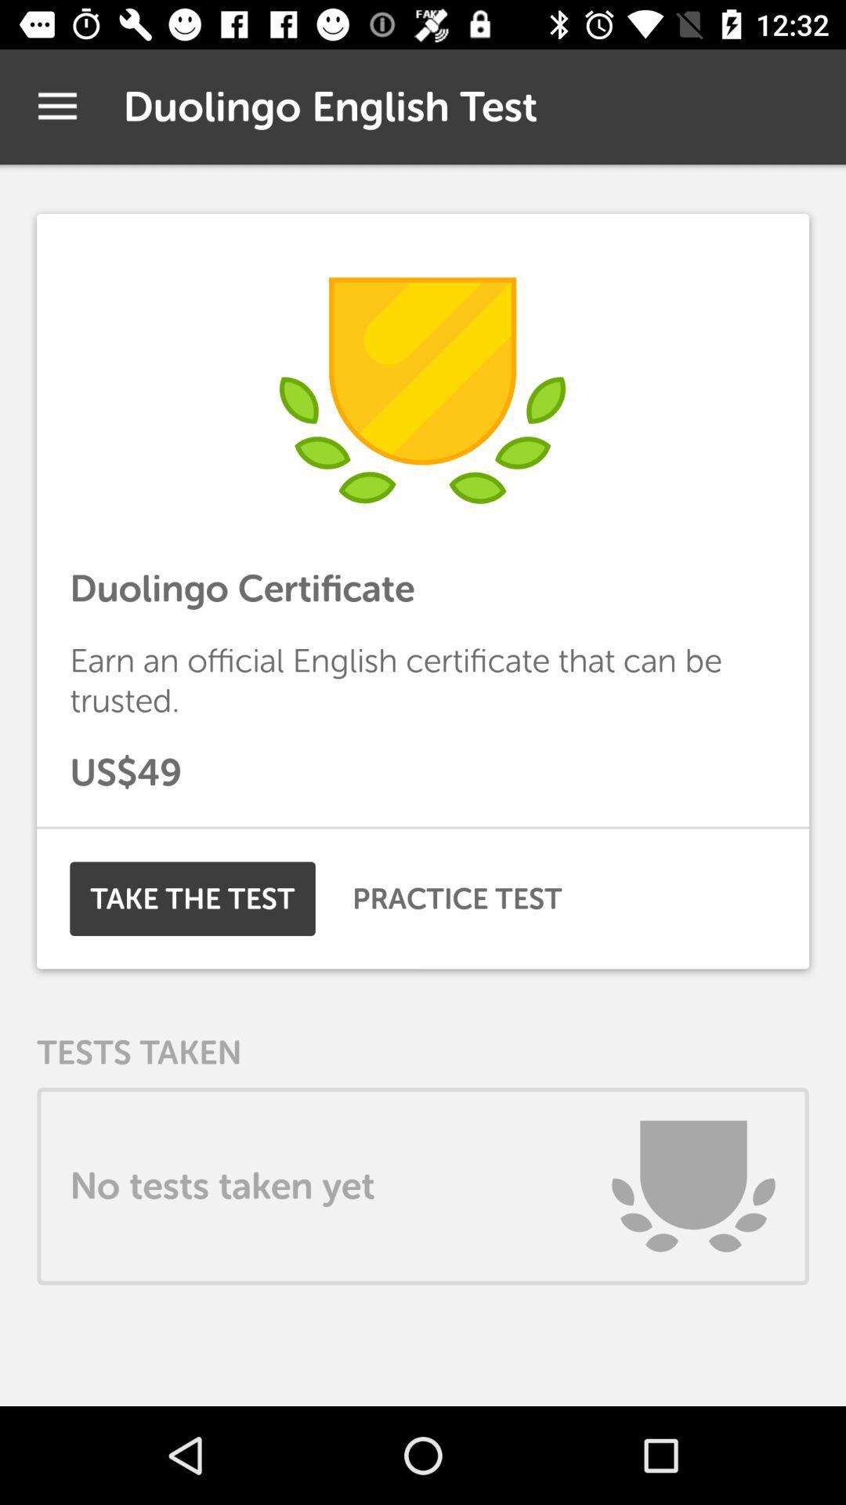  I want to click on icon above no tests taken, so click(457, 898).